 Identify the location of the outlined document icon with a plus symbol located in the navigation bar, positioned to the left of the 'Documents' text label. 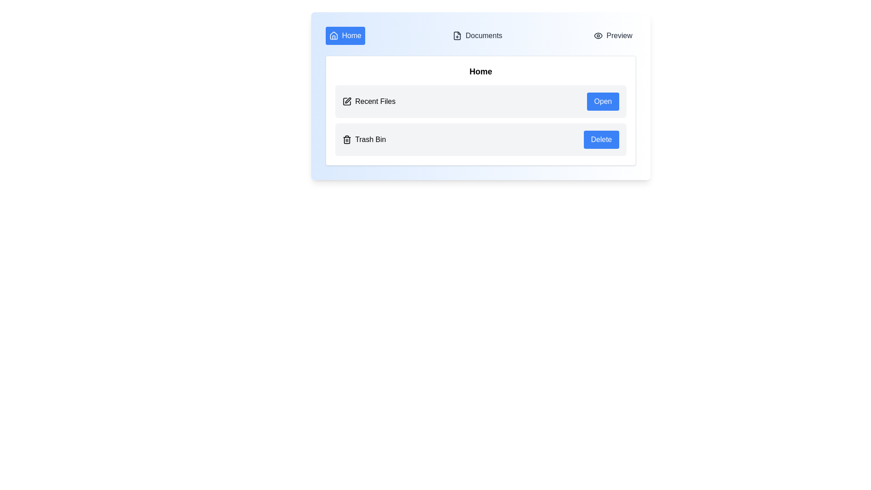
(457, 35).